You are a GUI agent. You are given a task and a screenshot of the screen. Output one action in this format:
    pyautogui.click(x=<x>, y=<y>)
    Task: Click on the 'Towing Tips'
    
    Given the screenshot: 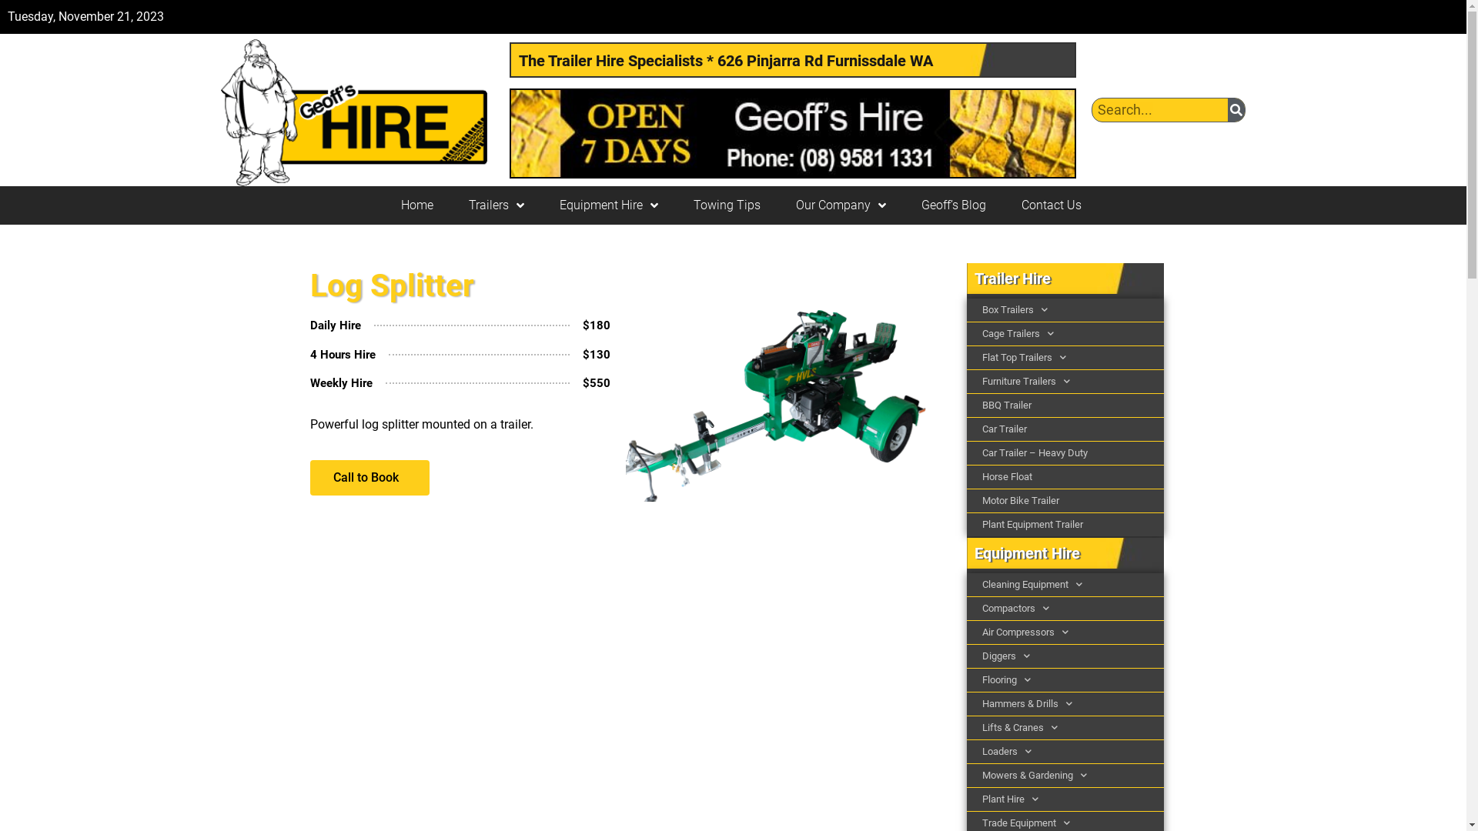 What is the action you would take?
    pyautogui.click(x=725, y=204)
    